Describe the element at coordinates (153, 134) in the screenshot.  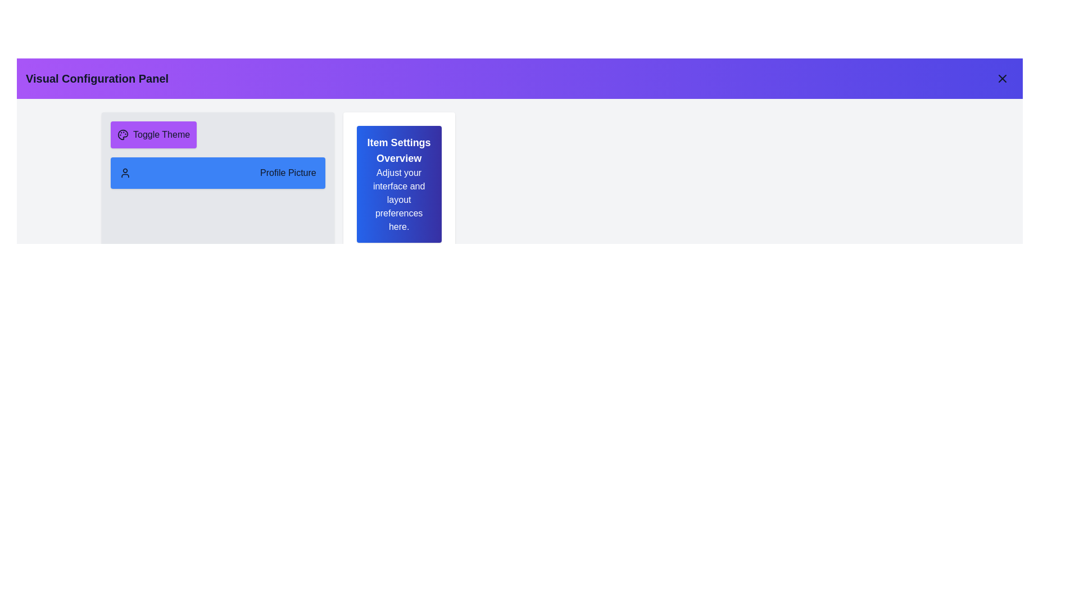
I see `the 'Toggle Theme' button with a purple background, rounded corners, and a palette icon` at that location.